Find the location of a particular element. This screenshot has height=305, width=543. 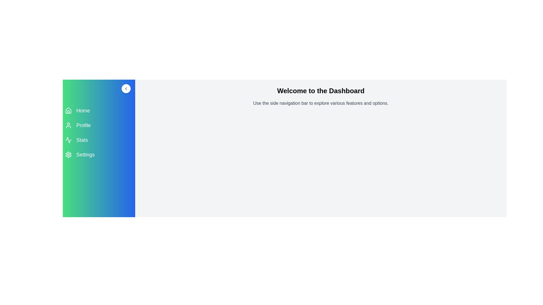

the navigation control button located at the top right of the sidebar is located at coordinates (126, 88).